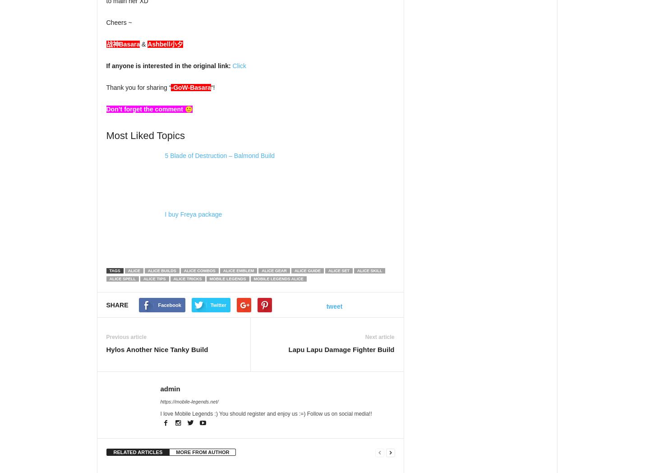 The height and width of the screenshot is (473, 654). What do you see at coordinates (121, 278) in the screenshot?
I see `'Alice Spell'` at bounding box center [121, 278].